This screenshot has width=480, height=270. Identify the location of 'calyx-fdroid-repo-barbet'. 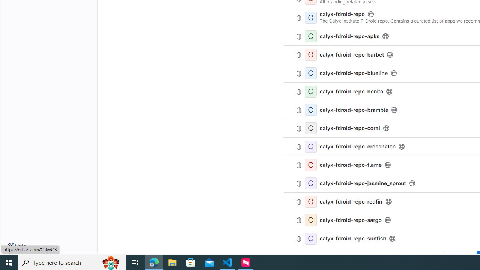
(351, 54).